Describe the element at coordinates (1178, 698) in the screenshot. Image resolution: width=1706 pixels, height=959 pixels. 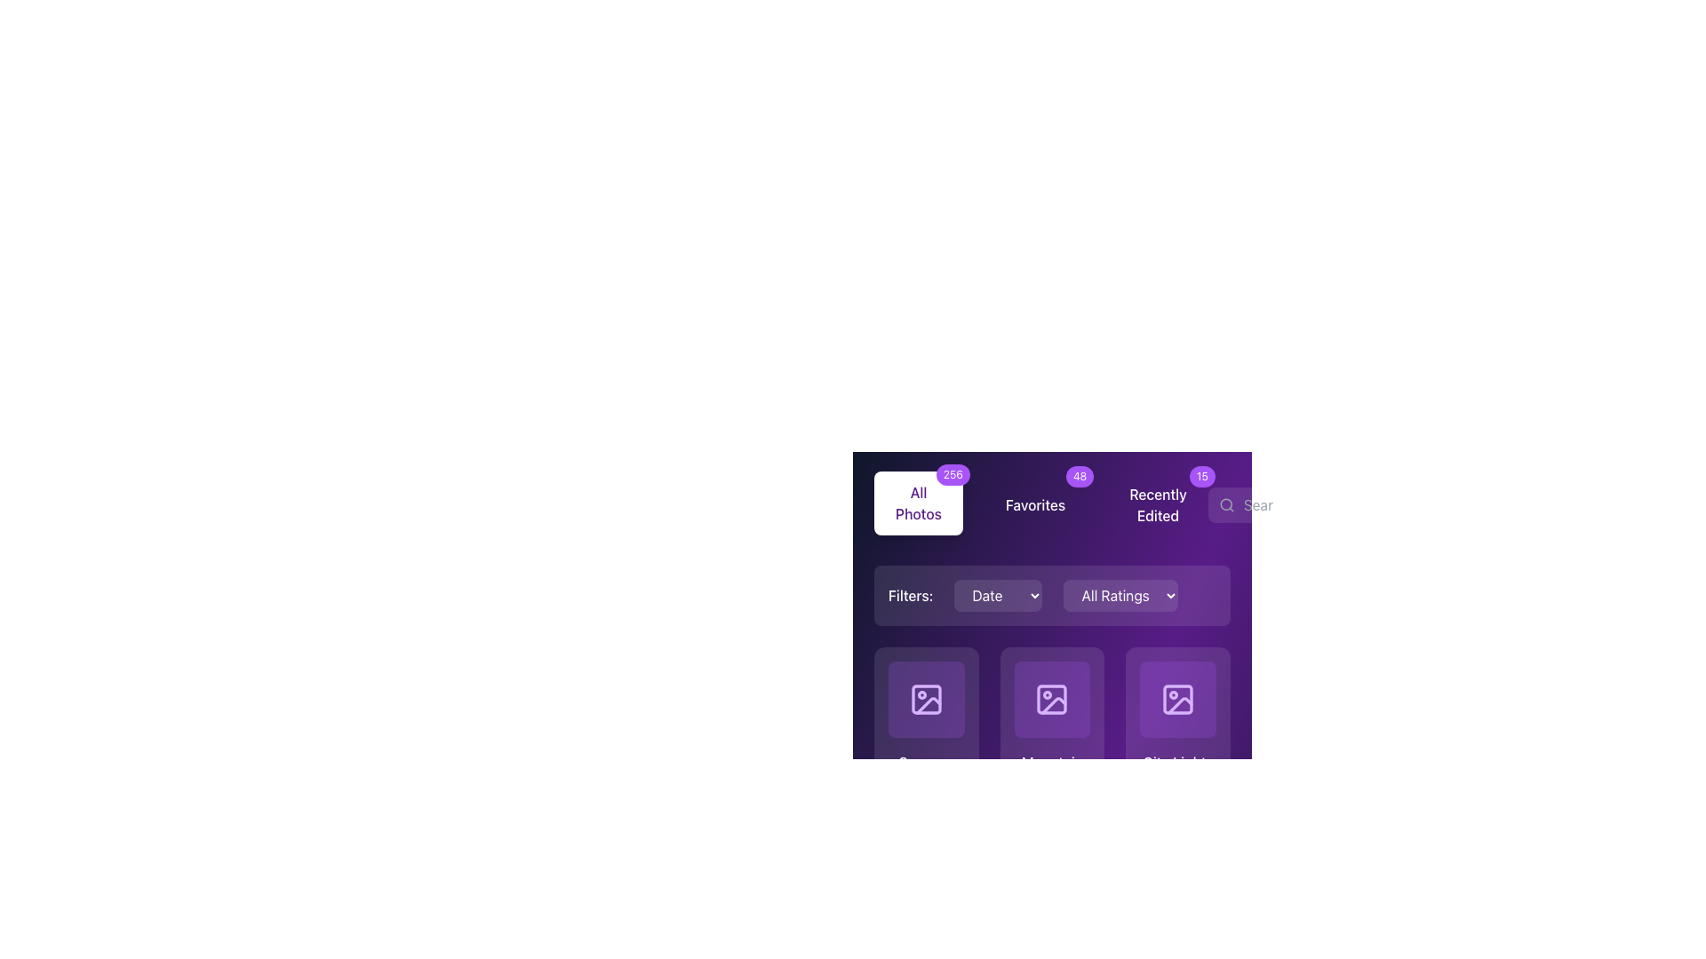
I see `the purple rounded rectangle element within the photograph icon located at the top-right corner of the interface` at that location.